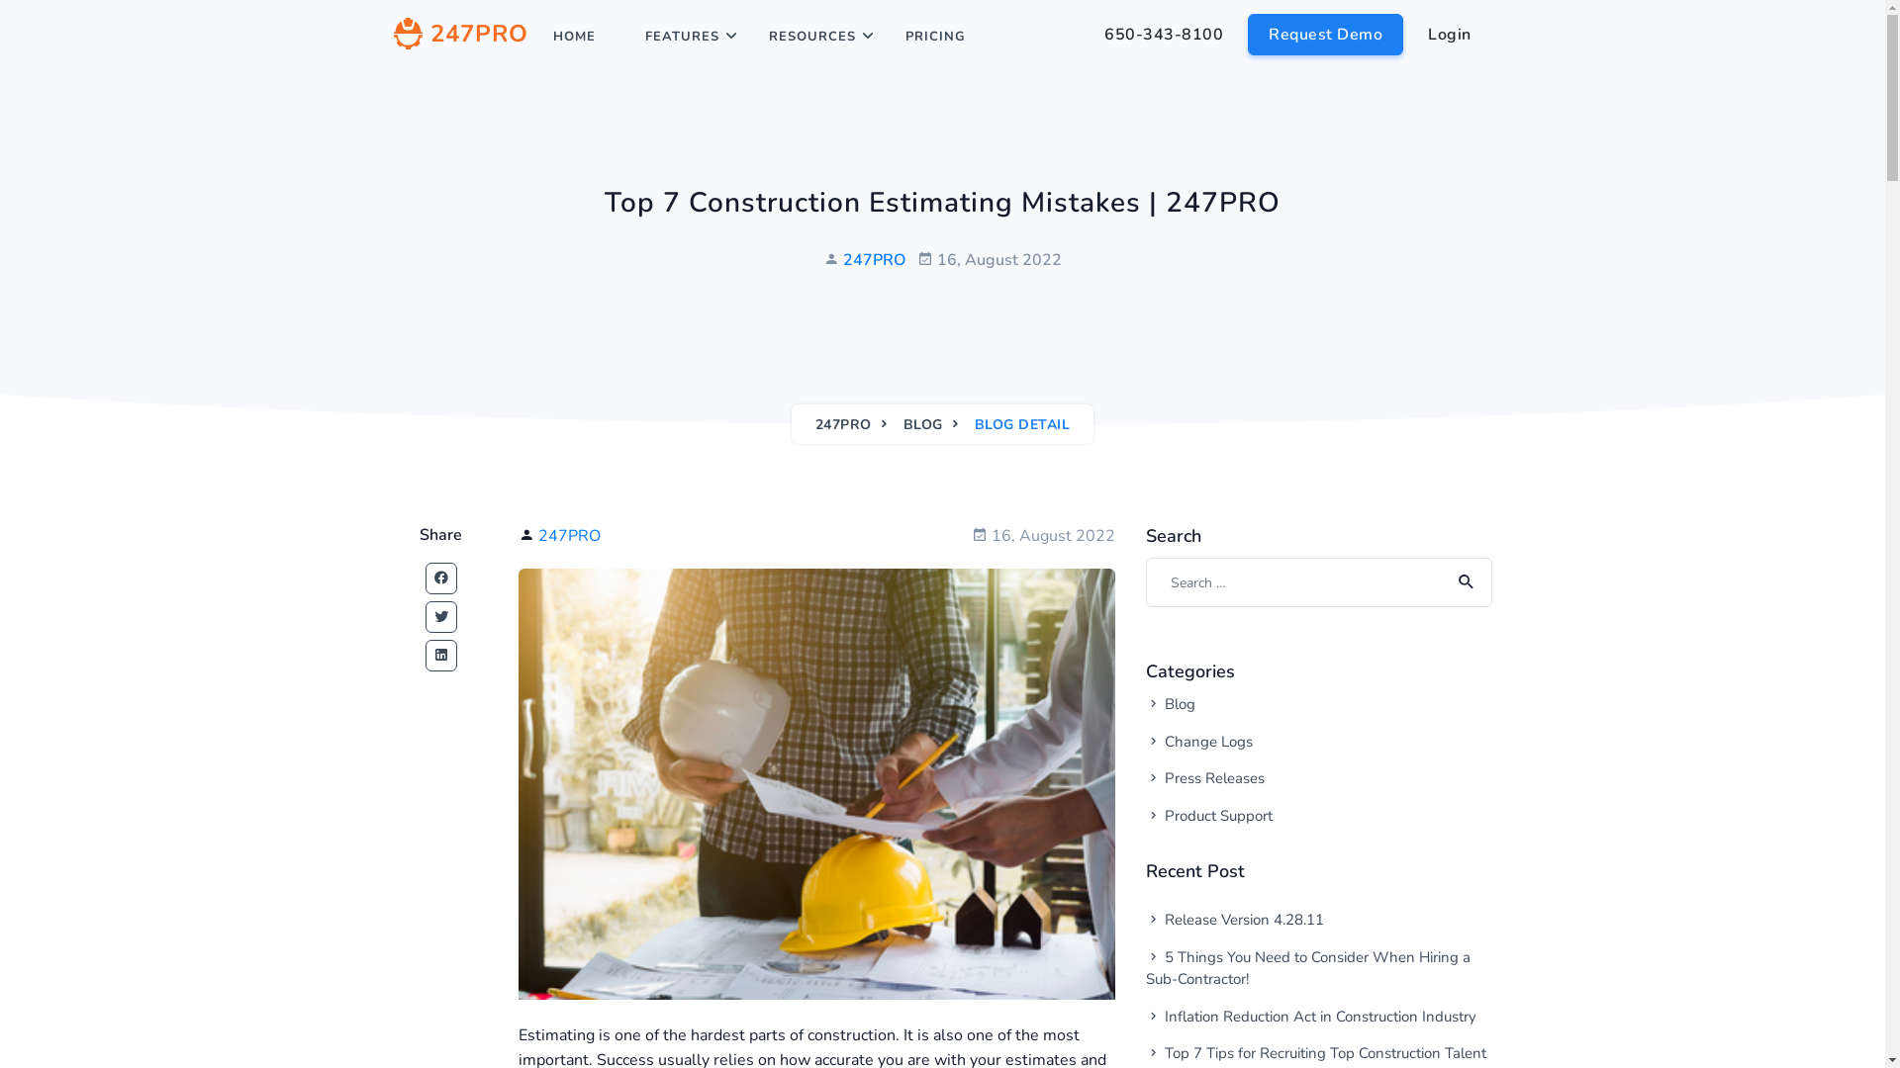  I want to click on 'Click to share on Twitter', so click(440, 616).